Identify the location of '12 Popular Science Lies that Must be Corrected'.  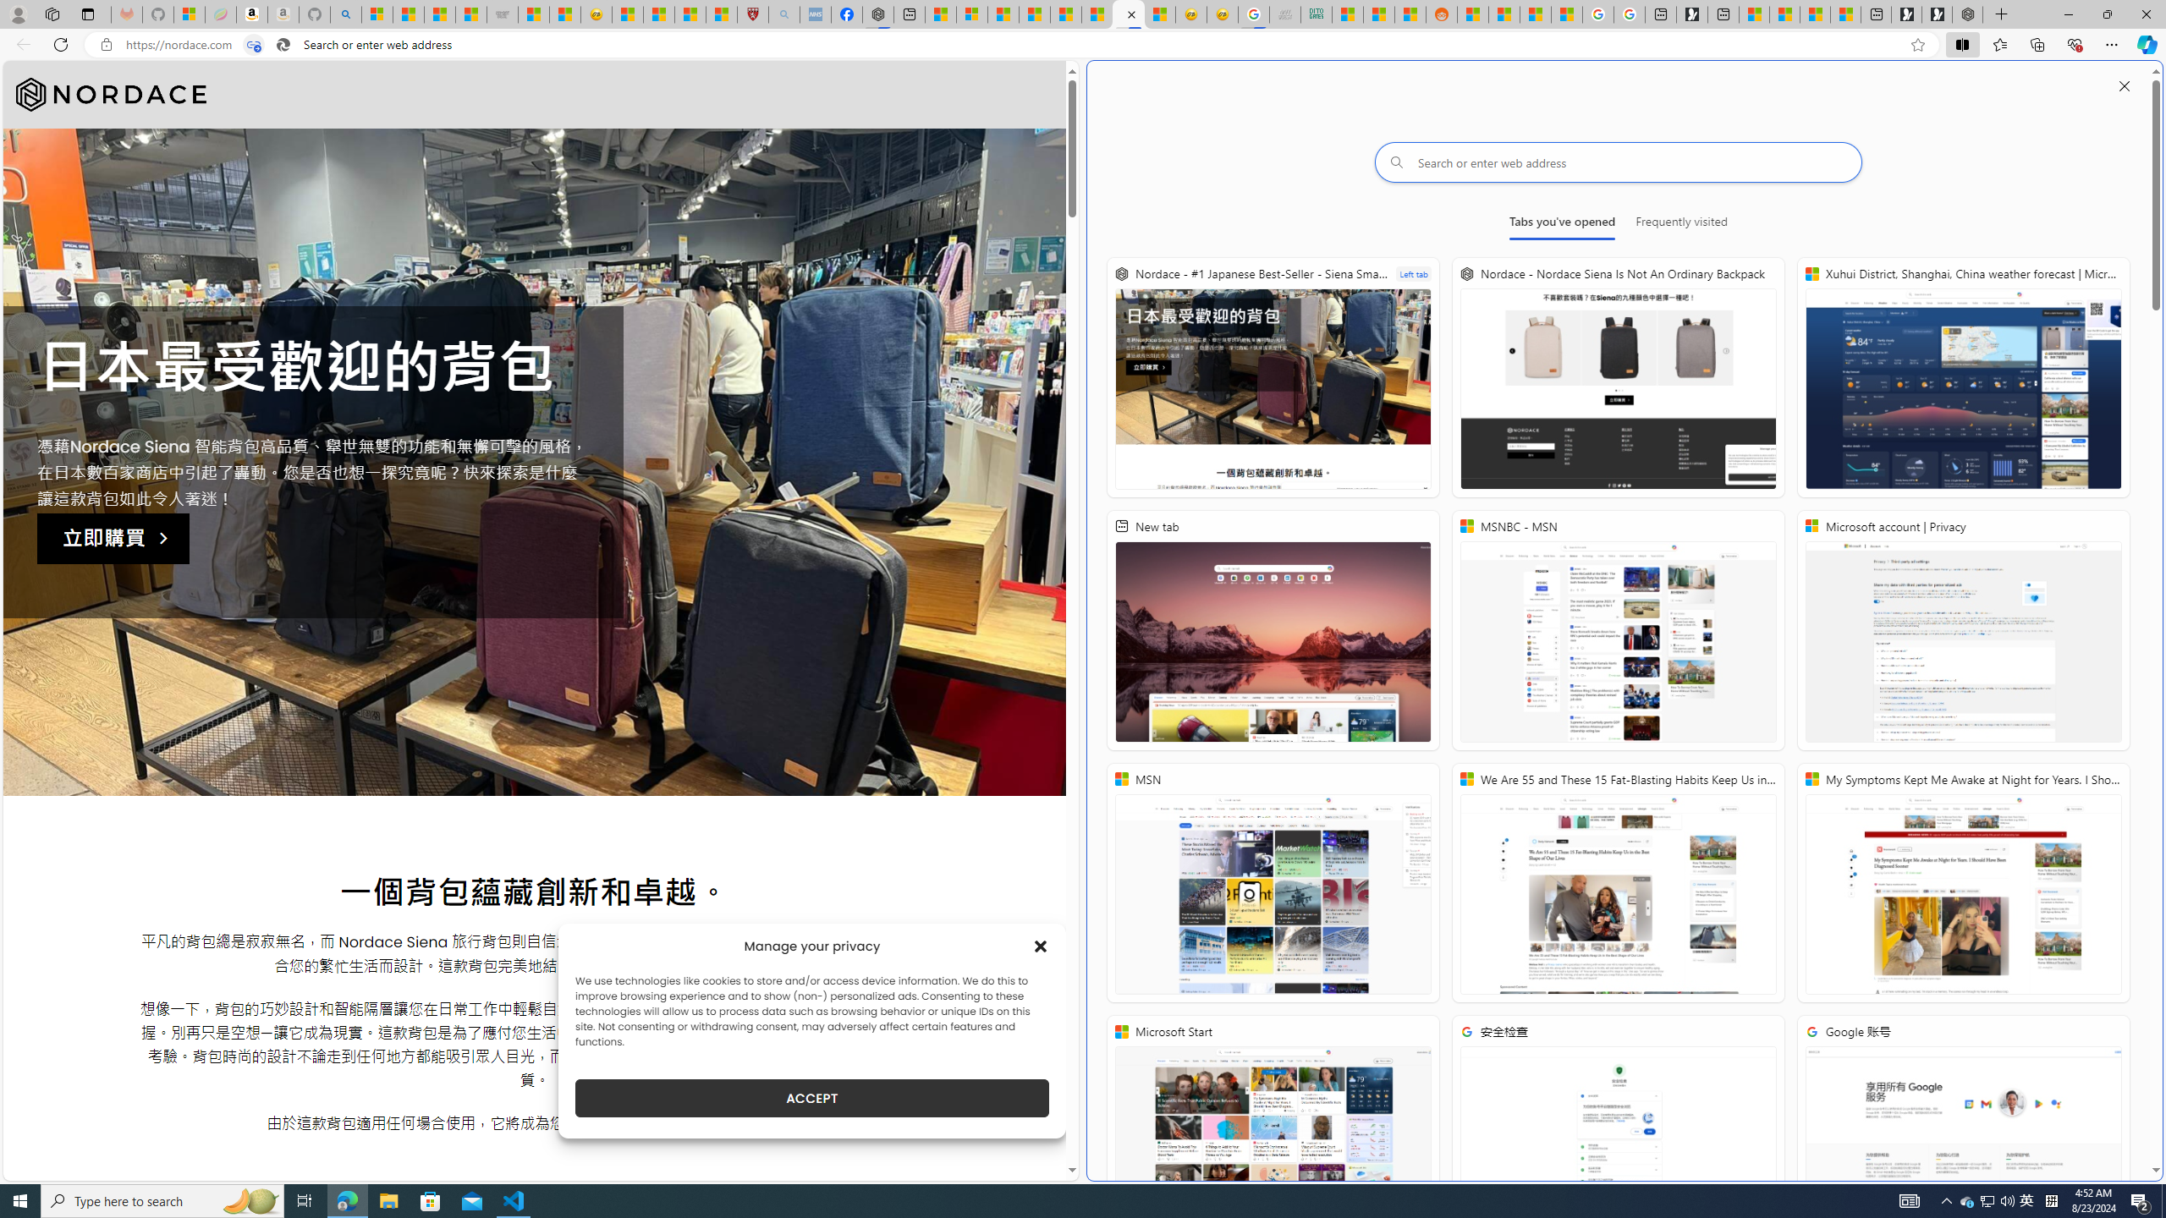
(721, 14).